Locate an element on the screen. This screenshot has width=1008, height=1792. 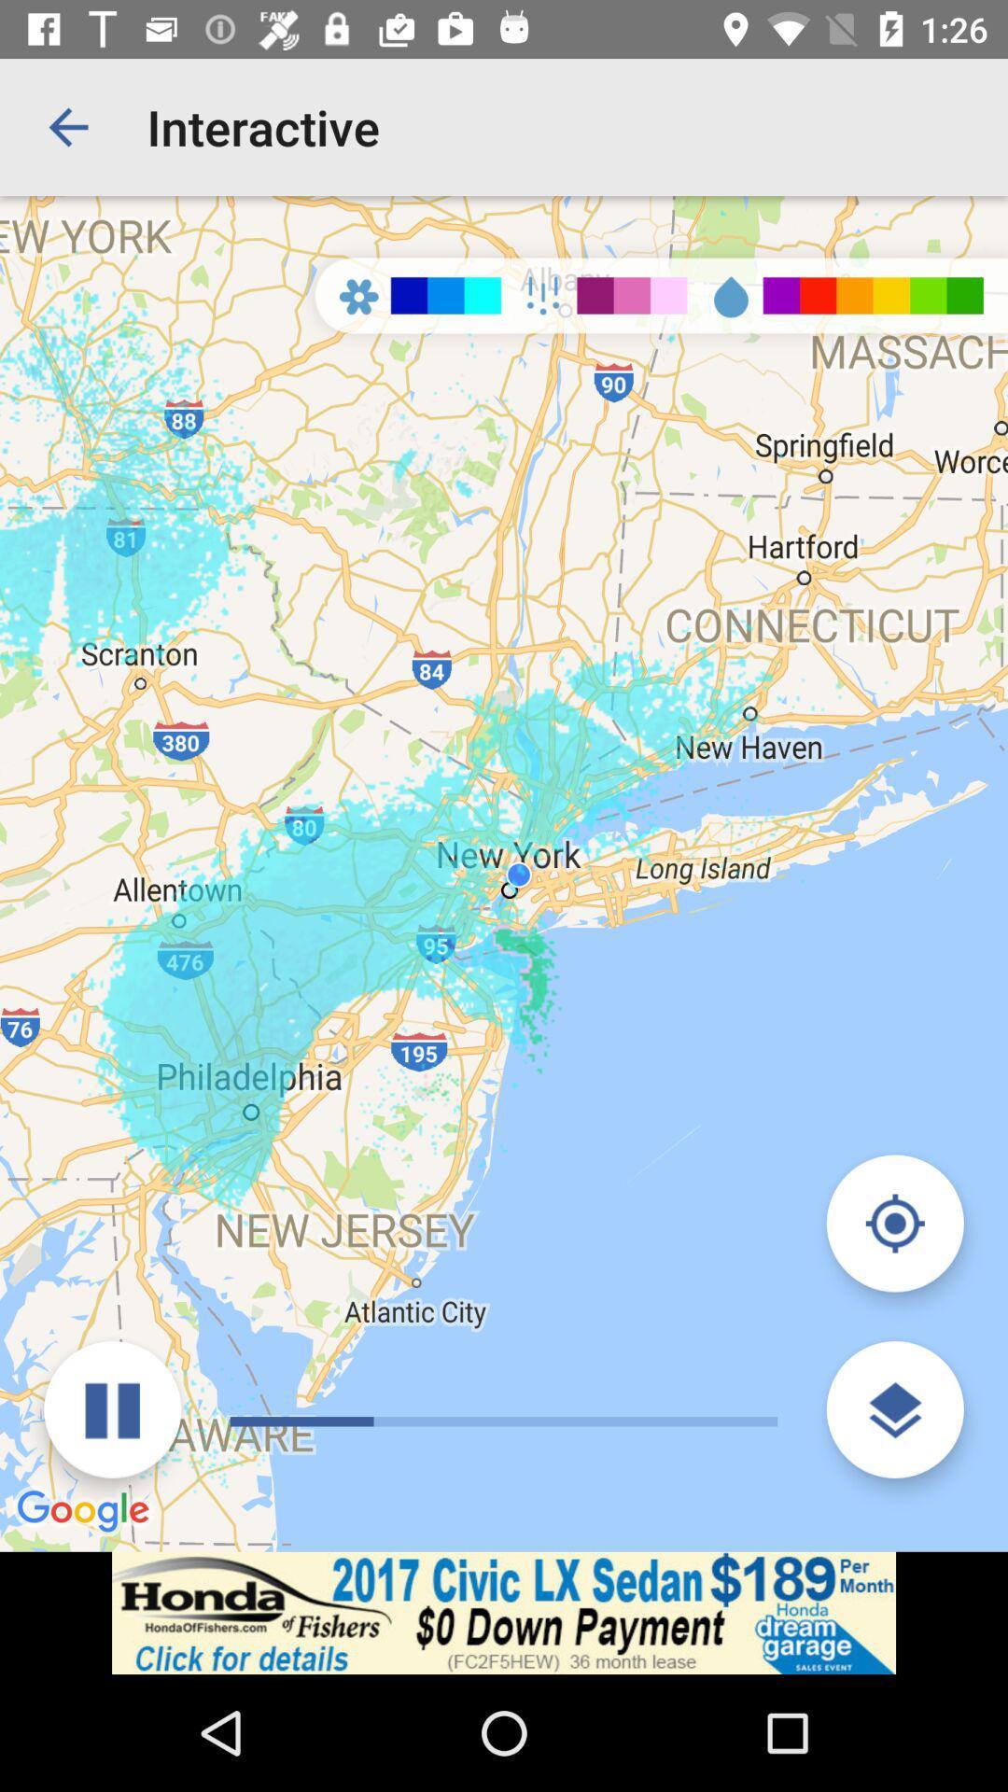
get current location is located at coordinates (894, 1223).